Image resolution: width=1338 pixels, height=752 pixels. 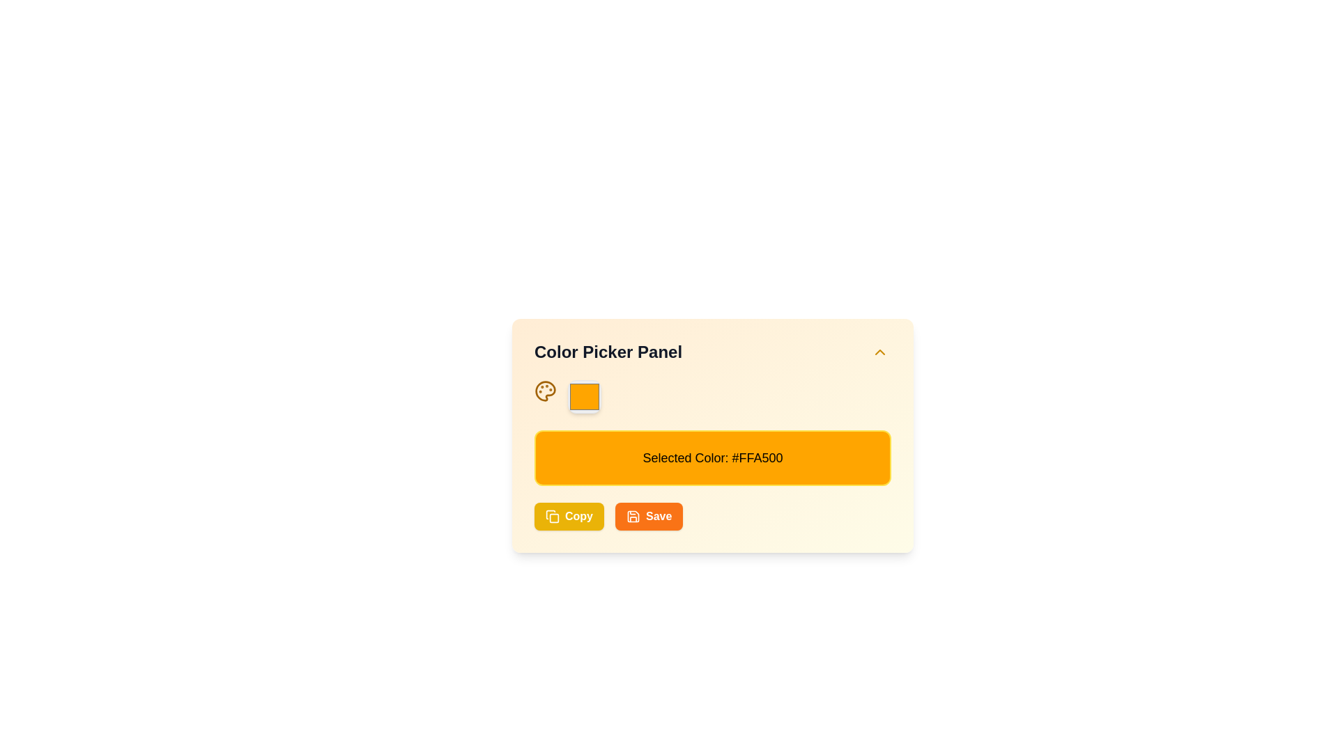 I want to click on the palette icon located at the top-left corner of the Color Picker Panel, so click(x=544, y=391).